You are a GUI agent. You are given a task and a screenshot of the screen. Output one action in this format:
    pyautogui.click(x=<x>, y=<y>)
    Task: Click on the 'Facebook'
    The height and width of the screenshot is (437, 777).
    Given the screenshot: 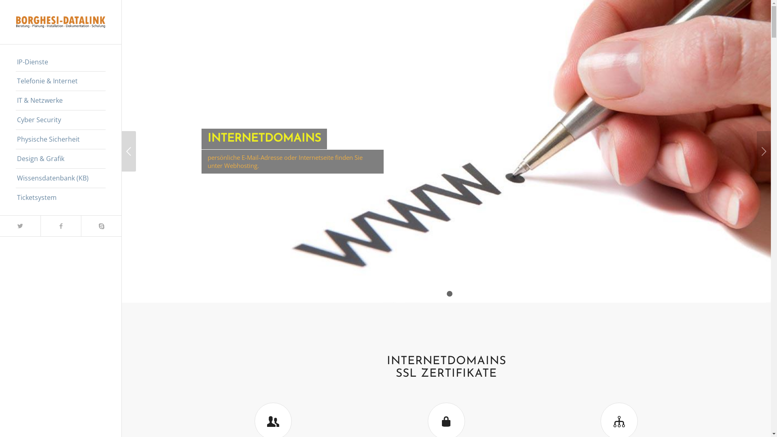 What is the action you would take?
    pyautogui.click(x=60, y=226)
    